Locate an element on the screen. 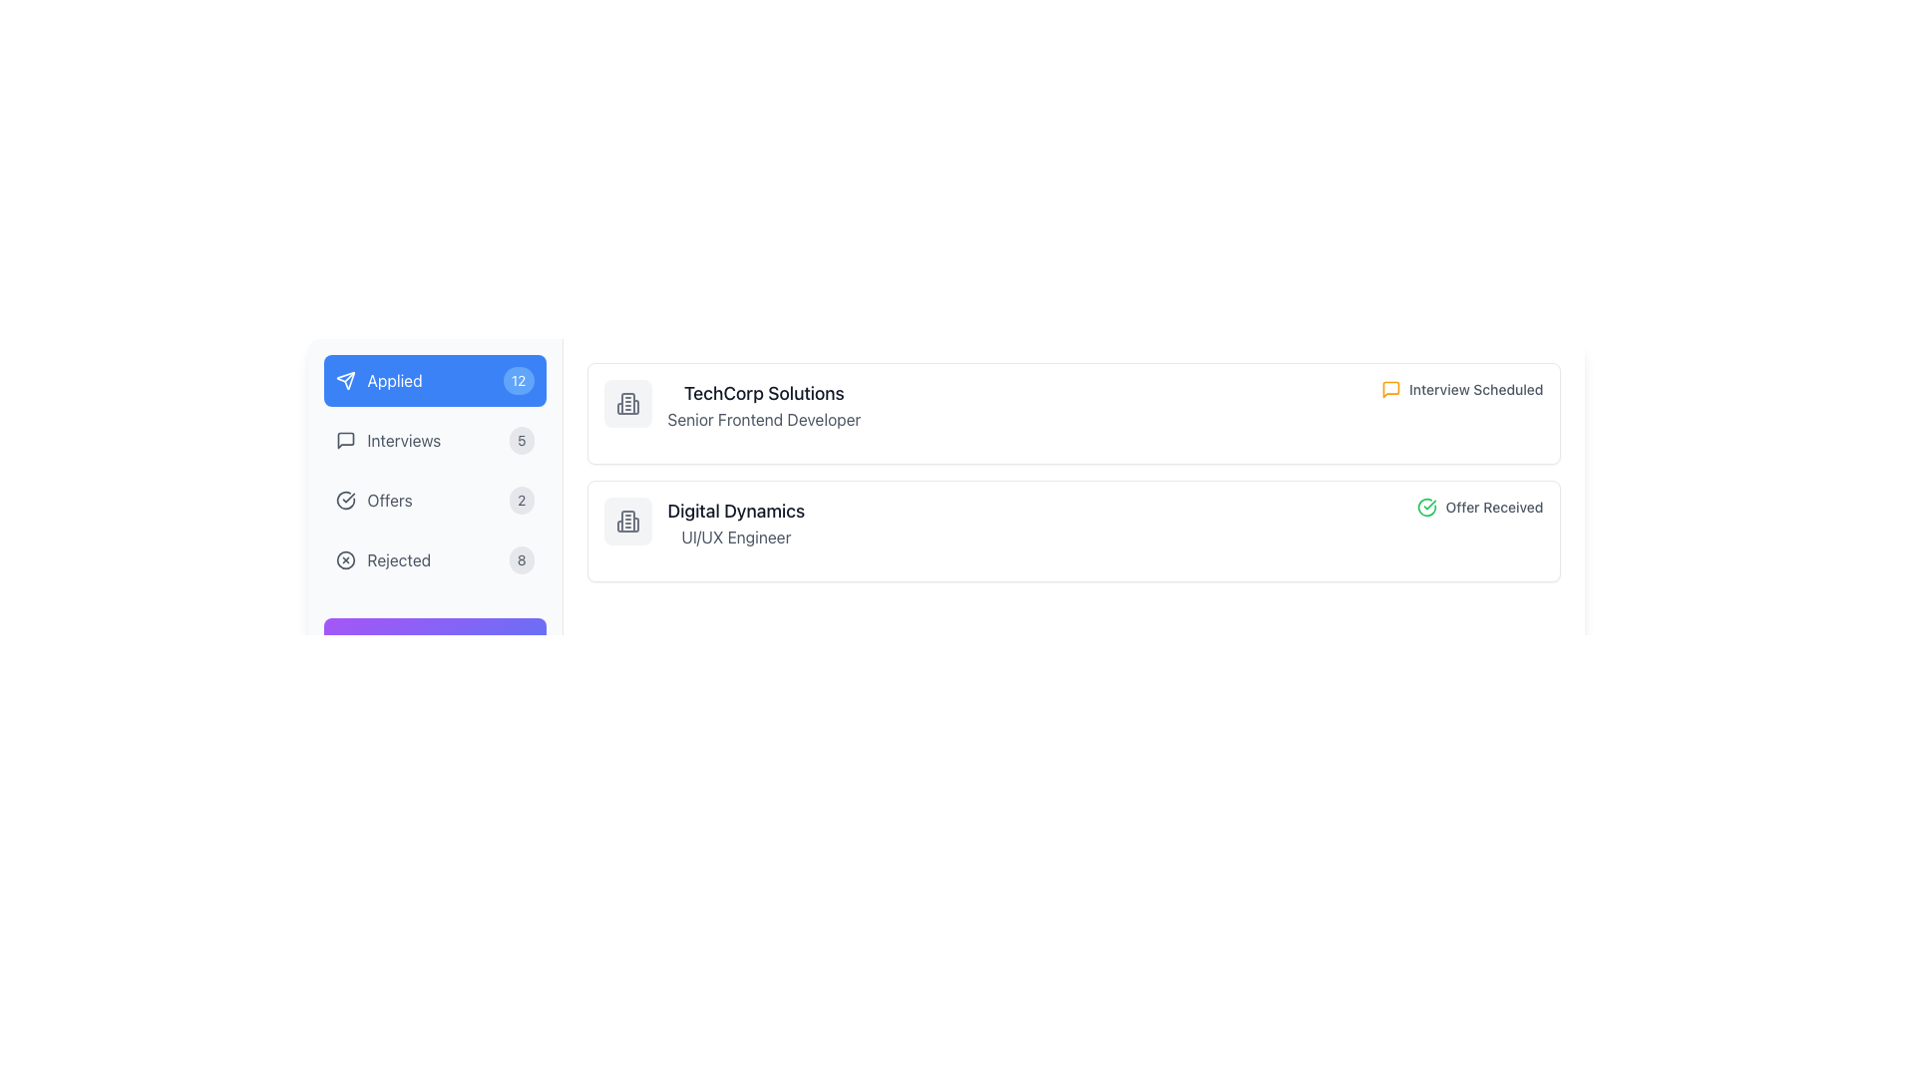  the second job application entry is located at coordinates (1072, 522).